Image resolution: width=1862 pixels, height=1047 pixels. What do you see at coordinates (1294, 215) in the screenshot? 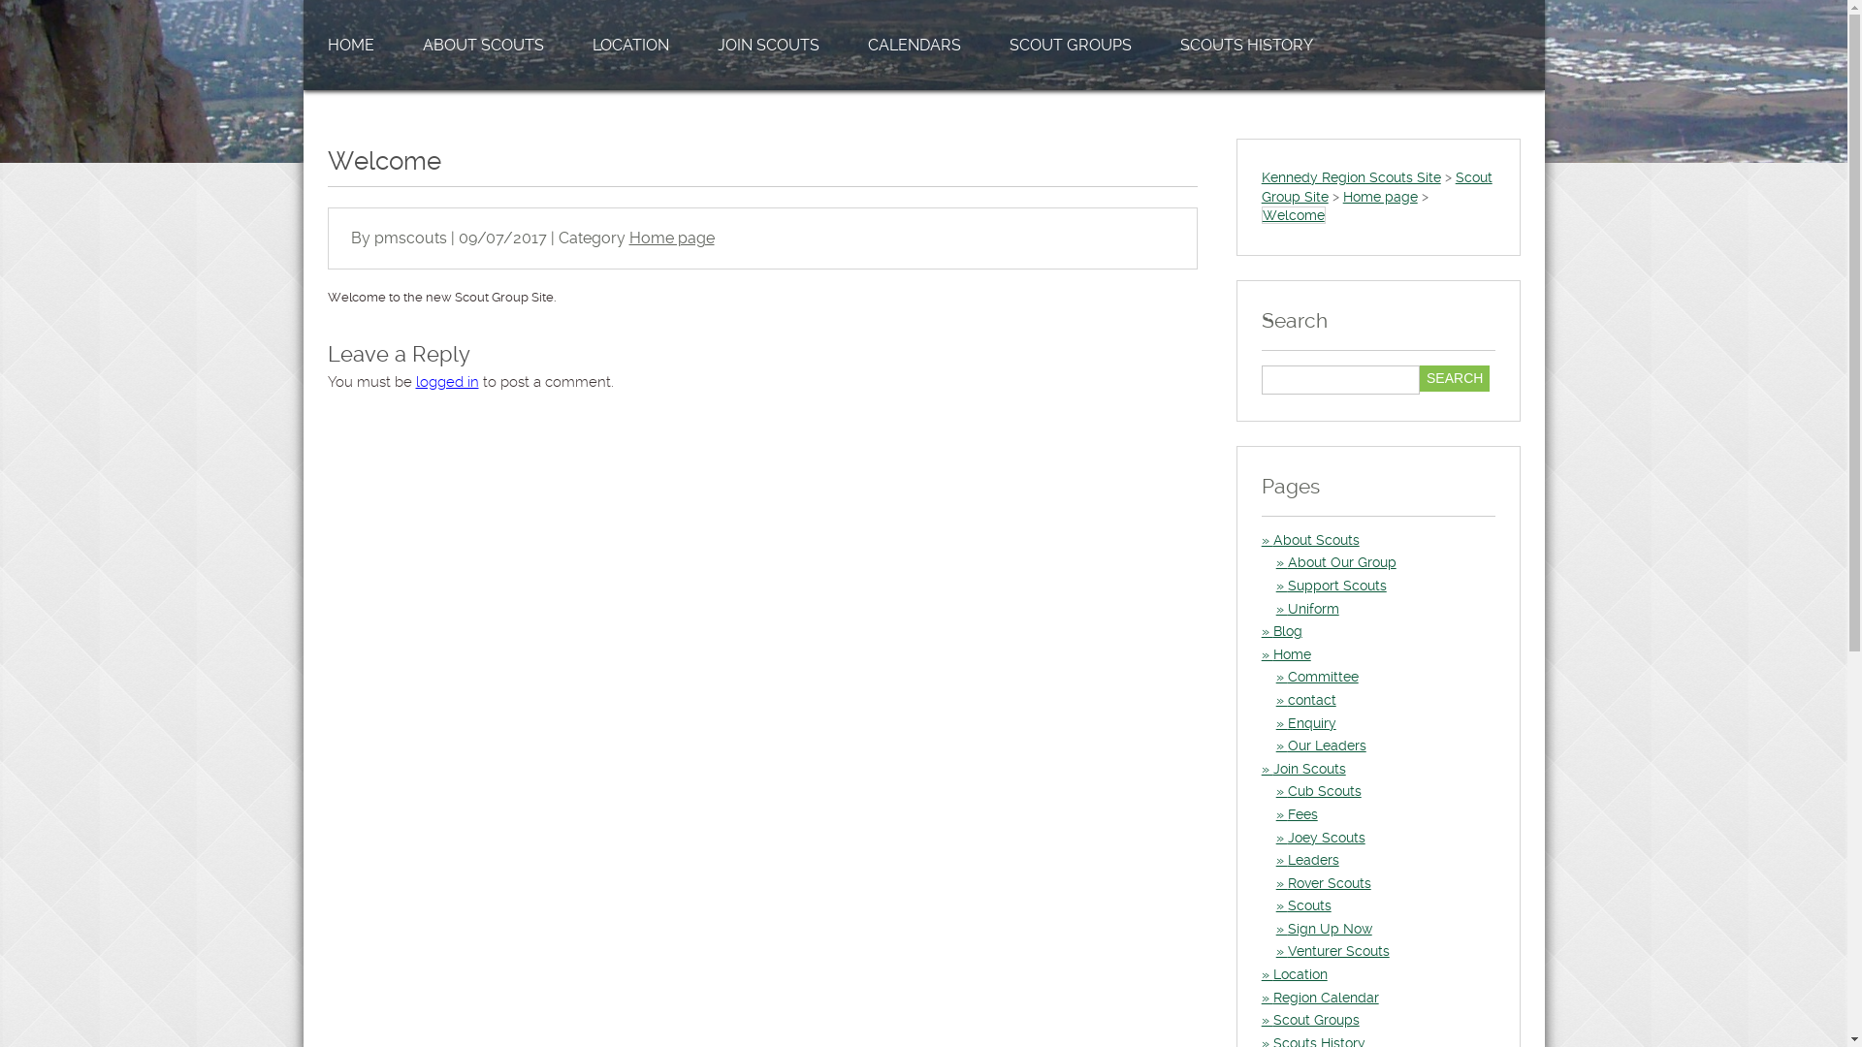
I see `'Welcome'` at bounding box center [1294, 215].